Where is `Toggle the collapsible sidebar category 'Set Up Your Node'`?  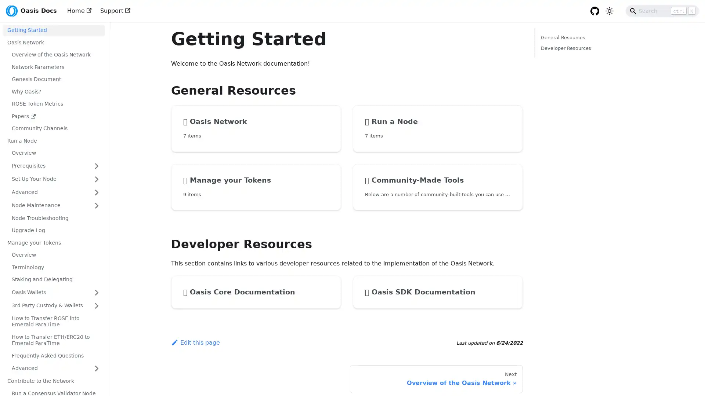
Toggle the collapsible sidebar category 'Set Up Your Node' is located at coordinates (96, 179).